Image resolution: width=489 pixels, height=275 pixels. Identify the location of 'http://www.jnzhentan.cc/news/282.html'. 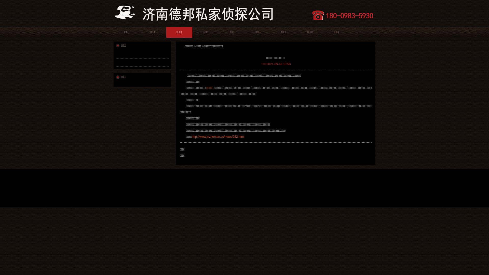
(192, 136).